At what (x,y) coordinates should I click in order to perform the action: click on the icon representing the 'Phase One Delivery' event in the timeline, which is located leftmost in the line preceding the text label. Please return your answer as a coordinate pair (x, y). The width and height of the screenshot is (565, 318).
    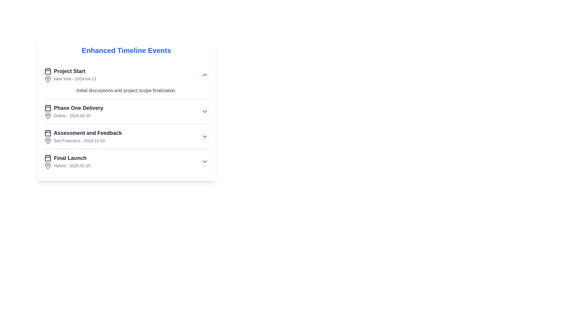
    Looking at the image, I should click on (48, 108).